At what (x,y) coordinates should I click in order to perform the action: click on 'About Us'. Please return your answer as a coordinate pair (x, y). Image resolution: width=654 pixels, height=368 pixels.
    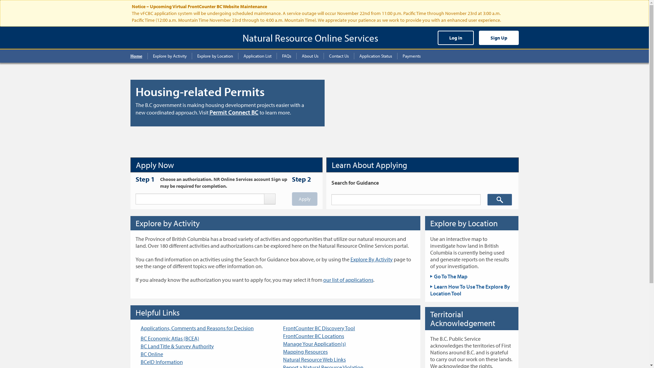
    Looking at the image, I should click on (310, 56).